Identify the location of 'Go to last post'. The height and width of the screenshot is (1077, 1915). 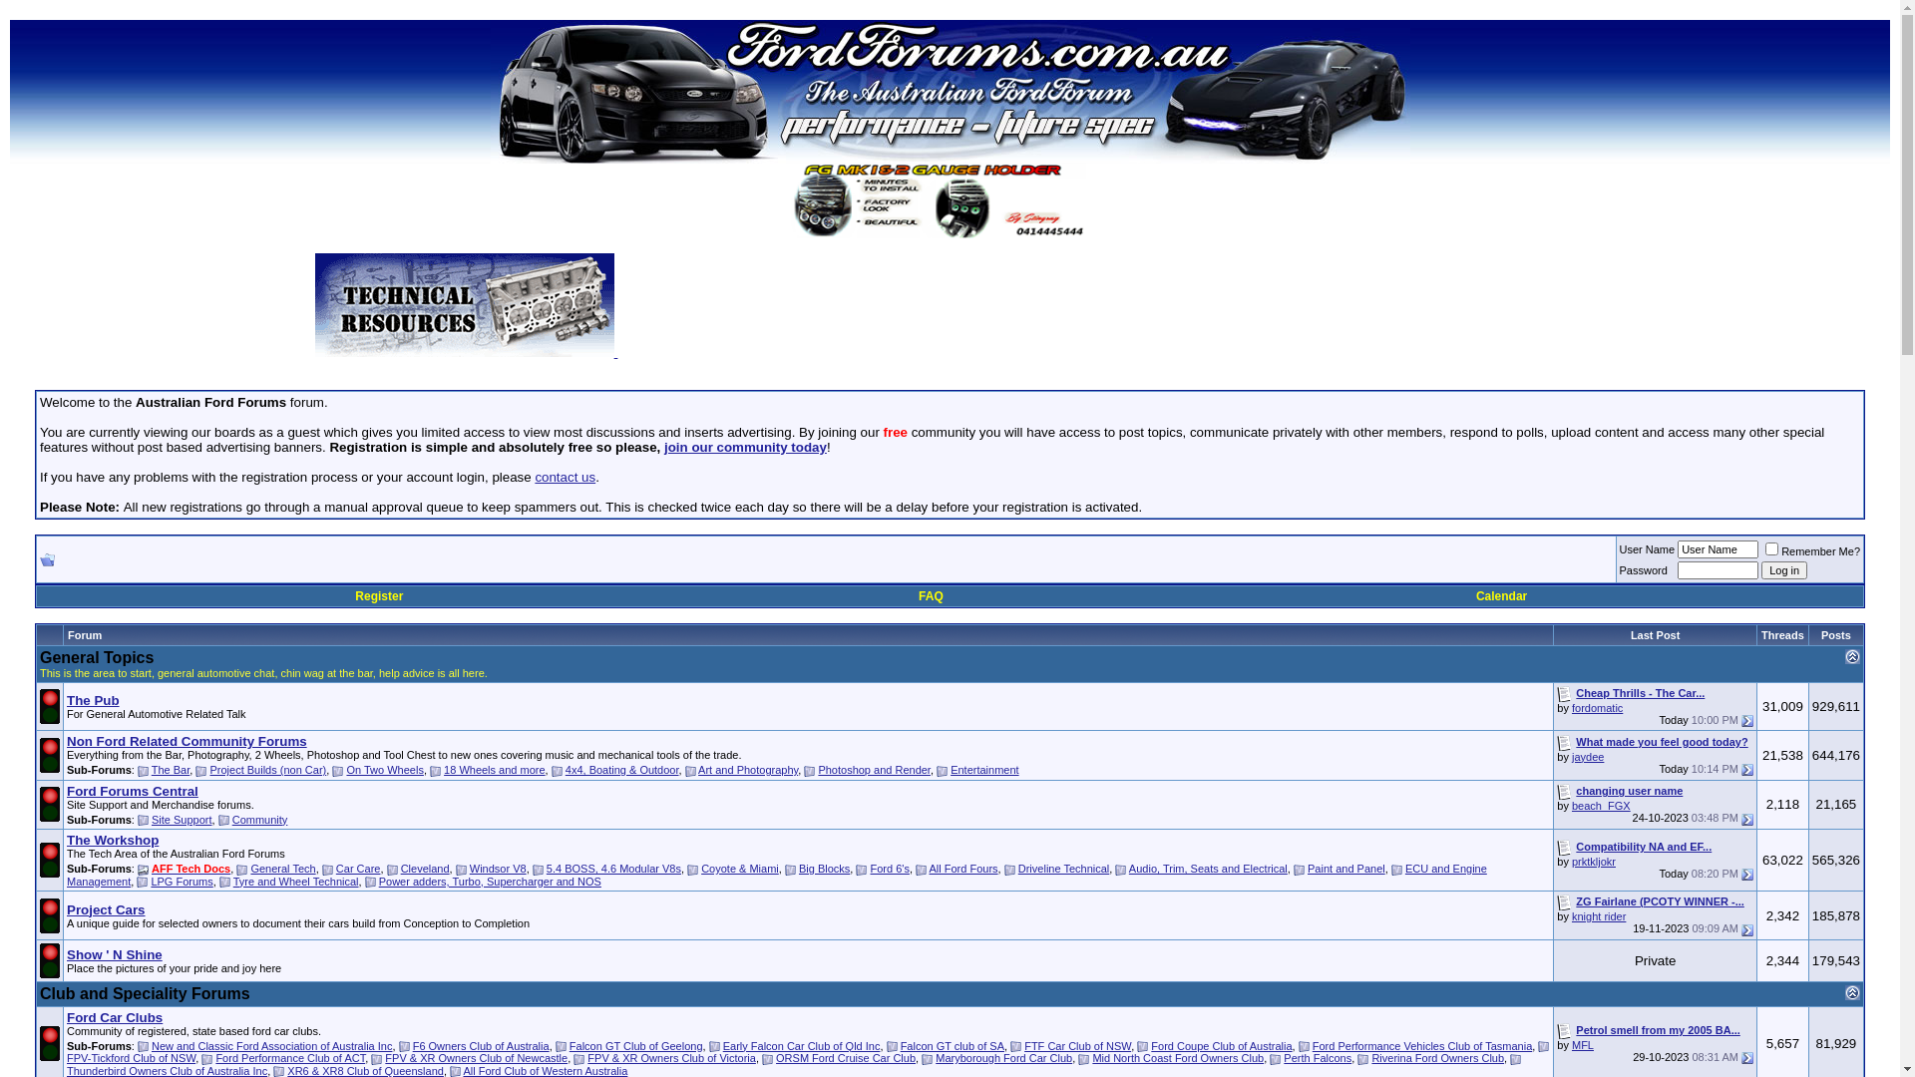
(1746, 819).